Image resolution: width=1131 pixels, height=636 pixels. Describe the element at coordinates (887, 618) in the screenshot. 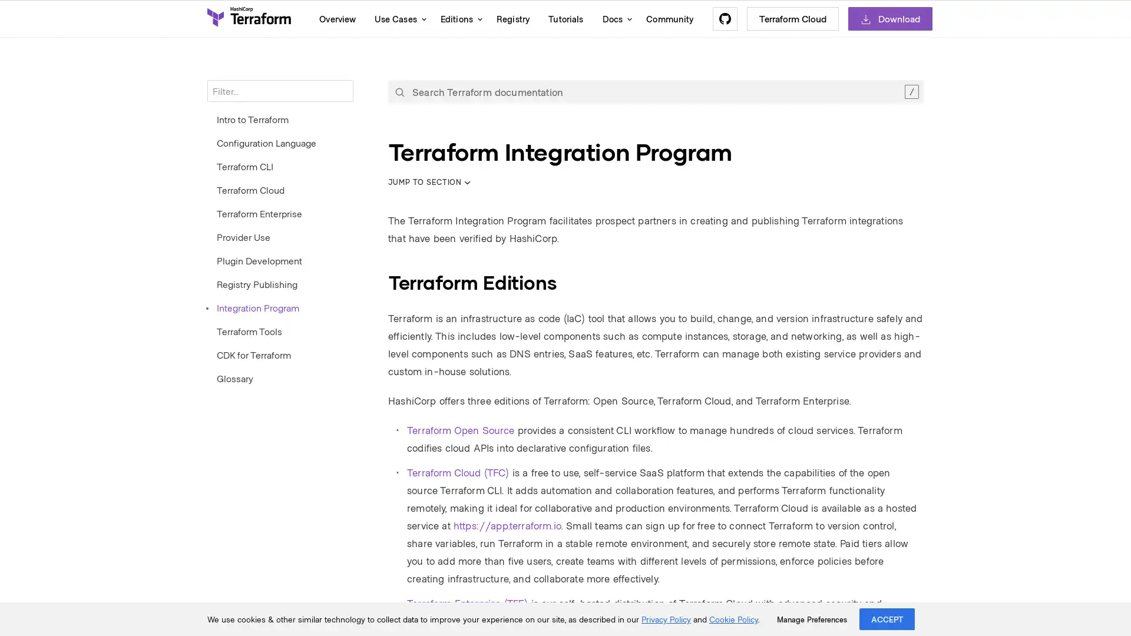

I see `ACCEPT` at that location.